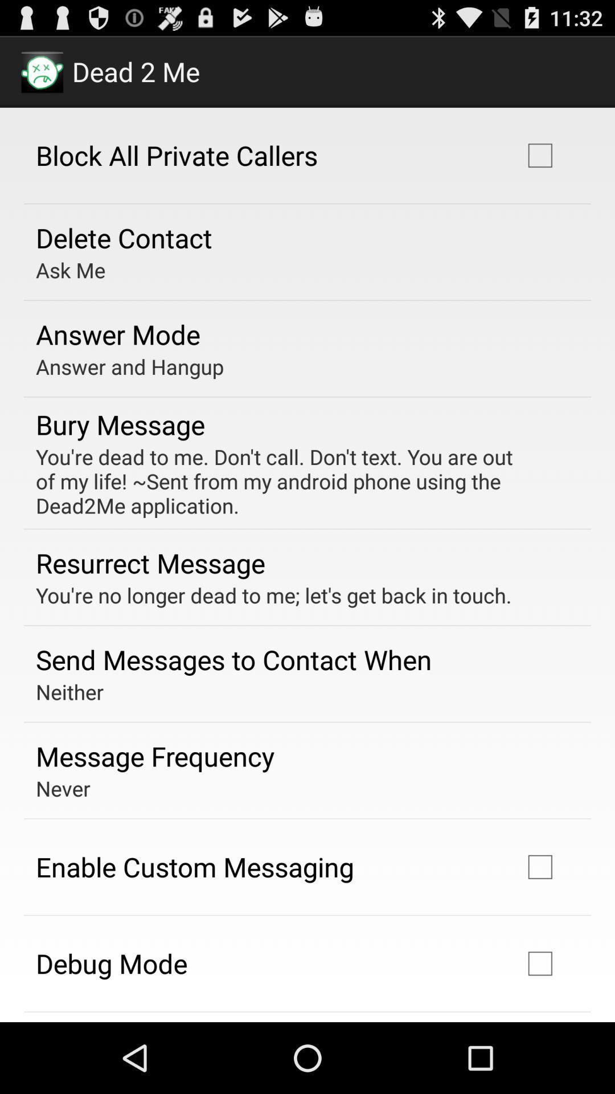 The height and width of the screenshot is (1094, 615). Describe the element at coordinates (233, 659) in the screenshot. I see `send messages to app` at that location.